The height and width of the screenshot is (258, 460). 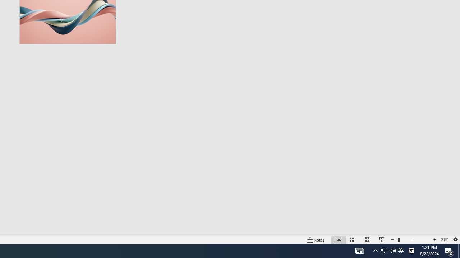 I want to click on 'Zoom 21%', so click(x=444, y=240).